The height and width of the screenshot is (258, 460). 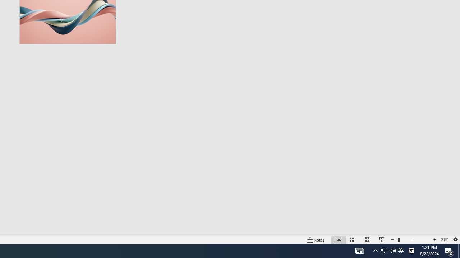 I want to click on 'Zoom 21%', so click(x=444, y=240).